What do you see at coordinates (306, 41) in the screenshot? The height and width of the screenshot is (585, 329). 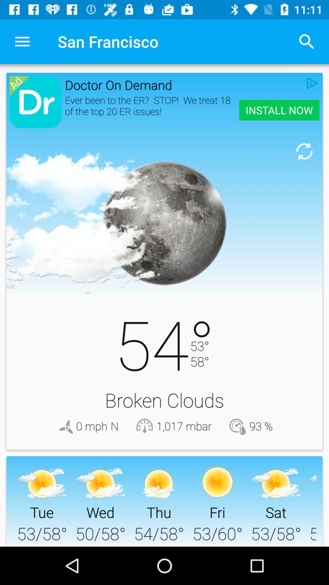 I see `item next to the san francisco item` at bounding box center [306, 41].